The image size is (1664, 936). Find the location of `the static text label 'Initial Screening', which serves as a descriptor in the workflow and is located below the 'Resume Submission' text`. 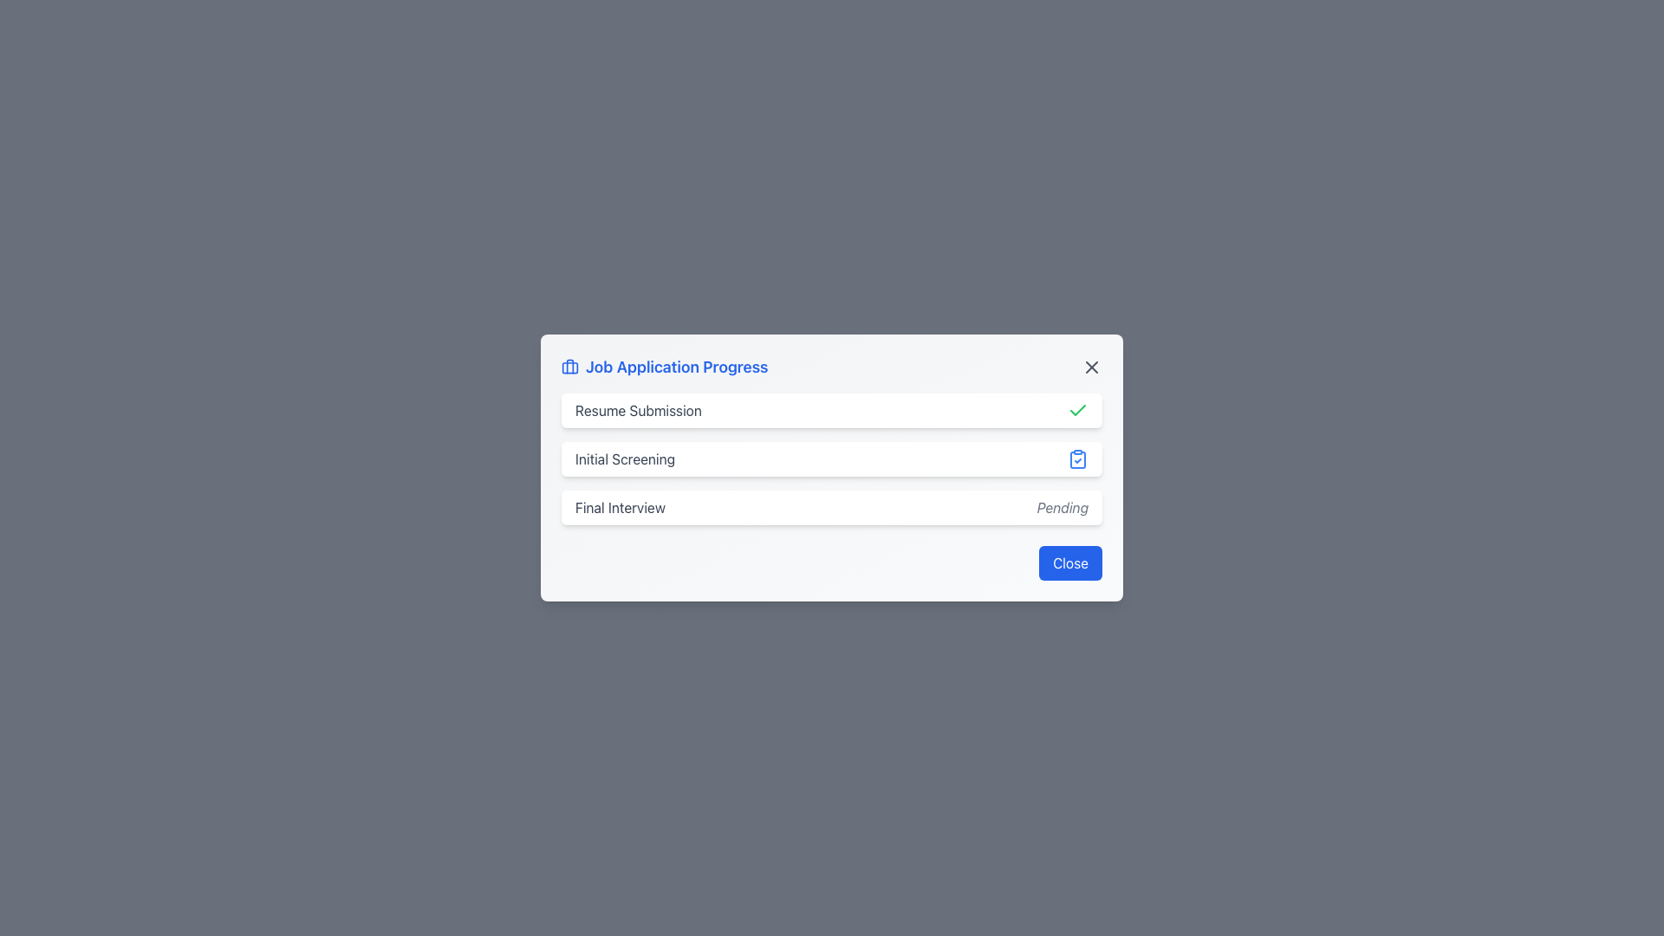

the static text label 'Initial Screening', which serves as a descriptor in the workflow and is located below the 'Resume Submission' text is located at coordinates (624, 458).